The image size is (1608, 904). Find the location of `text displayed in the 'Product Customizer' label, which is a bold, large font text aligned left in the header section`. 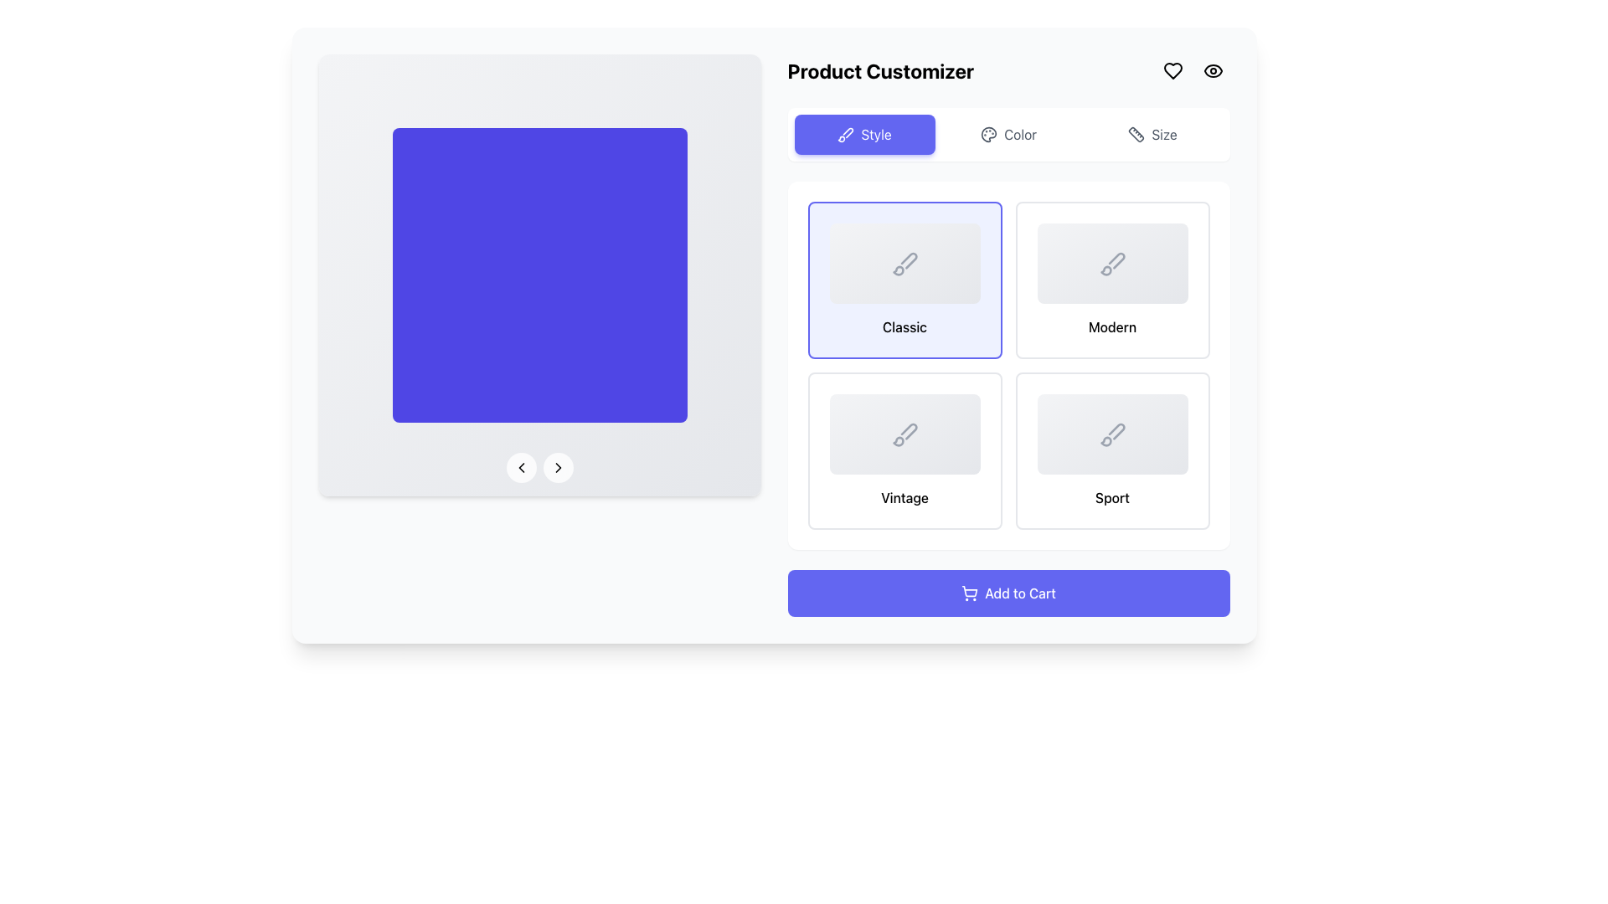

text displayed in the 'Product Customizer' label, which is a bold, large font text aligned left in the header section is located at coordinates (879, 69).